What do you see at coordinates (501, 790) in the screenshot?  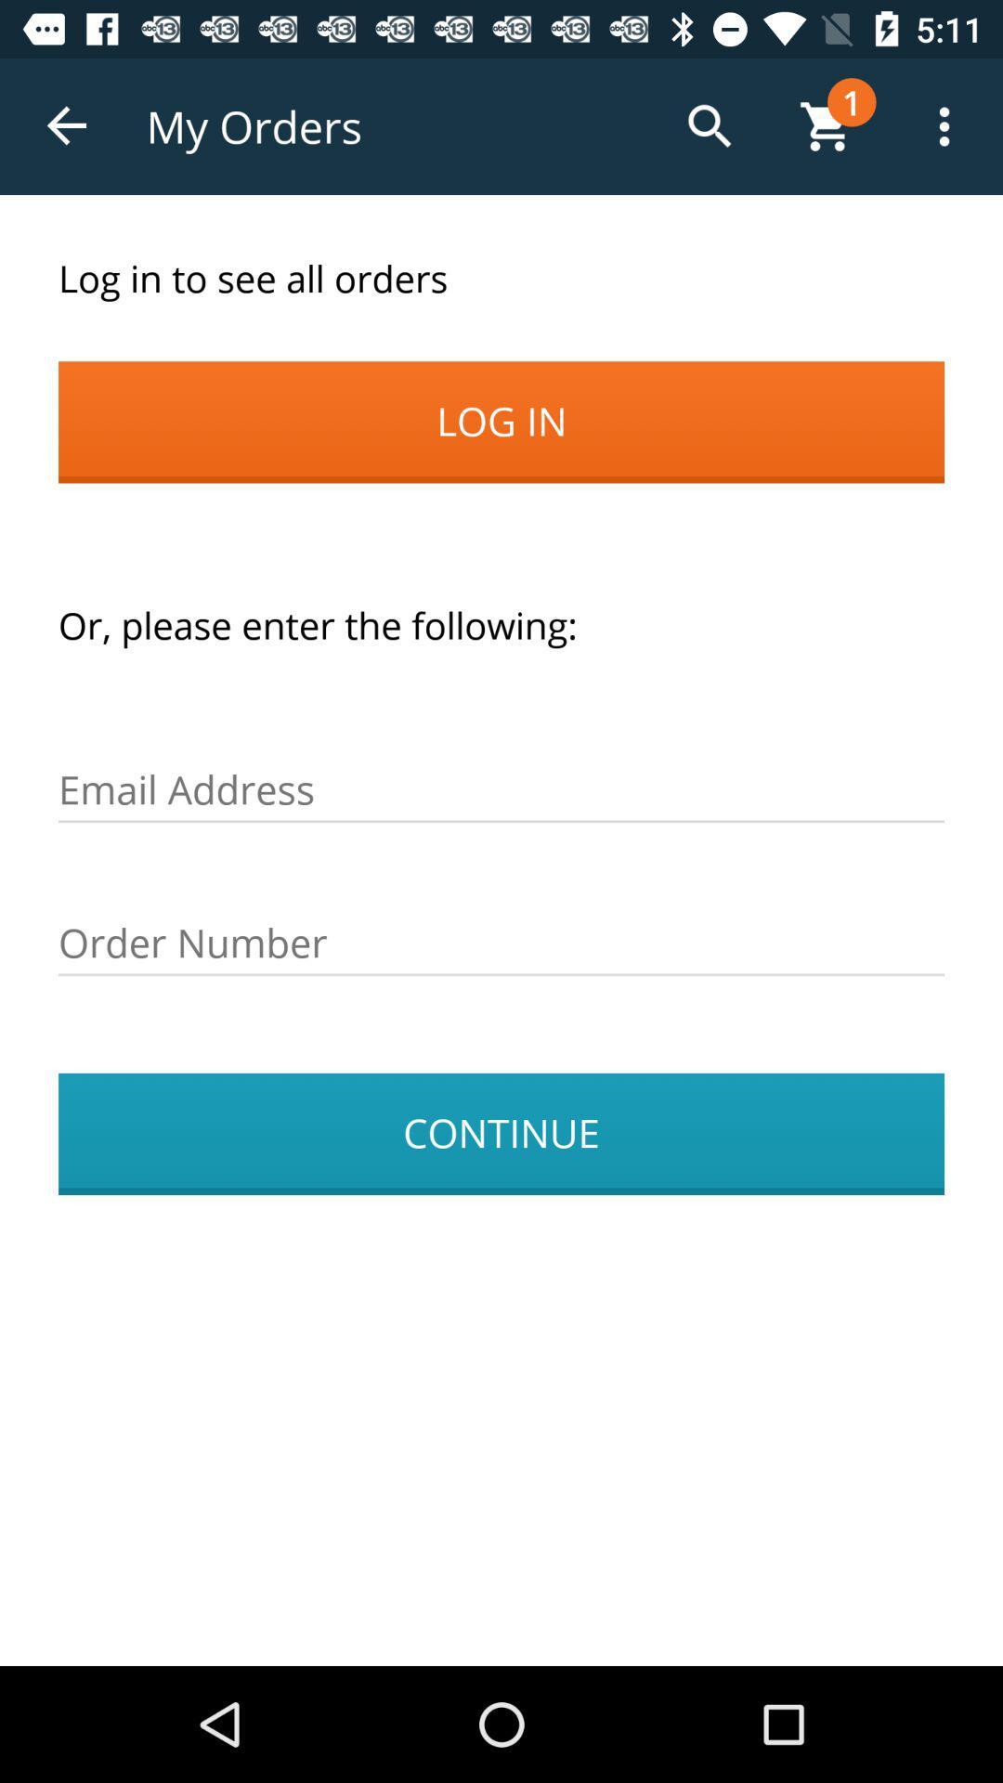 I see `email address` at bounding box center [501, 790].